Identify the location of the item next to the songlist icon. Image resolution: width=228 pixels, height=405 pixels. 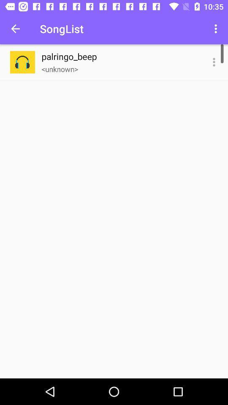
(217, 29).